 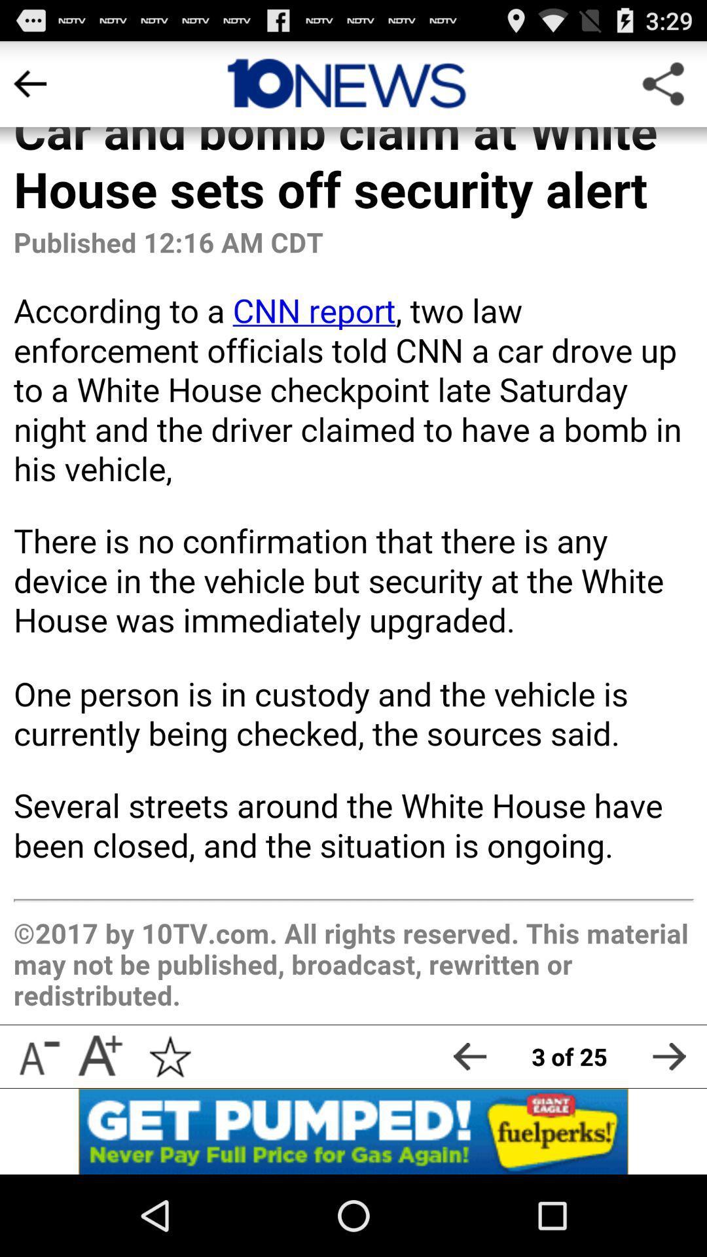 I want to click on star article, so click(x=170, y=1056).